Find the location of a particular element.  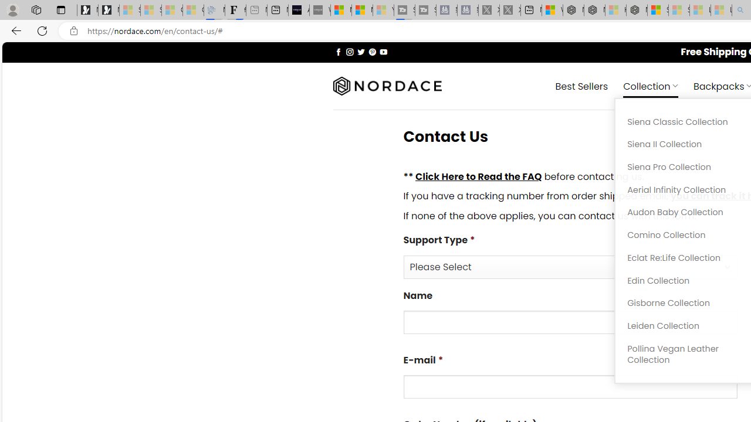

'Follow on Instagram' is located at coordinates (349, 51).